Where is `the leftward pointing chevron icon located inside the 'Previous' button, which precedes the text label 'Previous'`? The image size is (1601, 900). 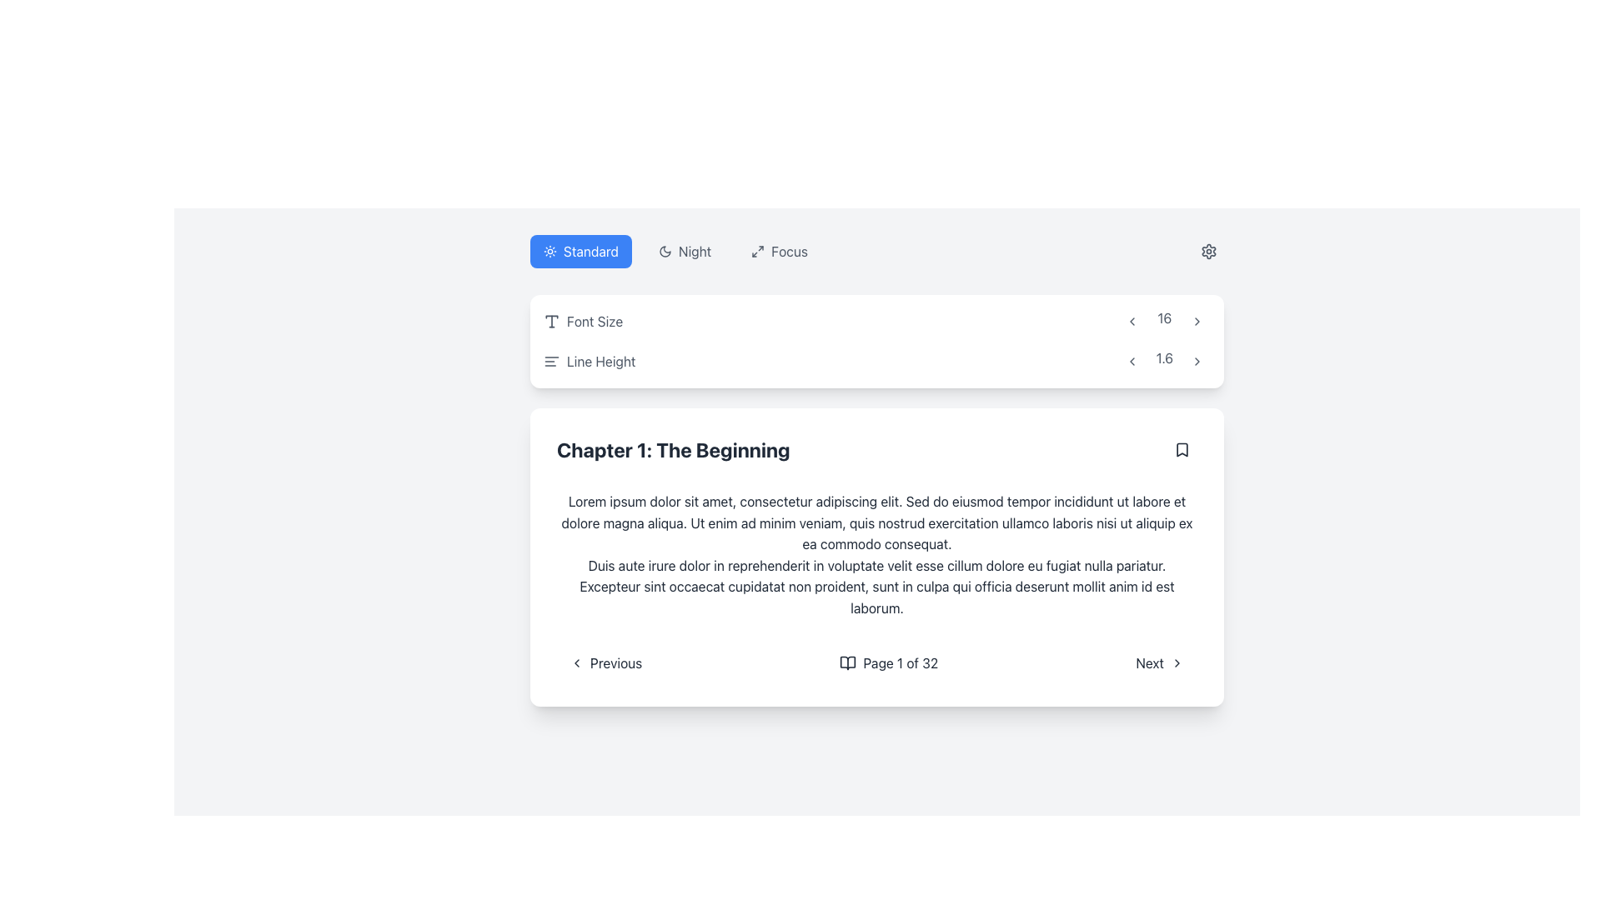
the leftward pointing chevron icon located inside the 'Previous' button, which precedes the text label 'Previous' is located at coordinates (576, 661).